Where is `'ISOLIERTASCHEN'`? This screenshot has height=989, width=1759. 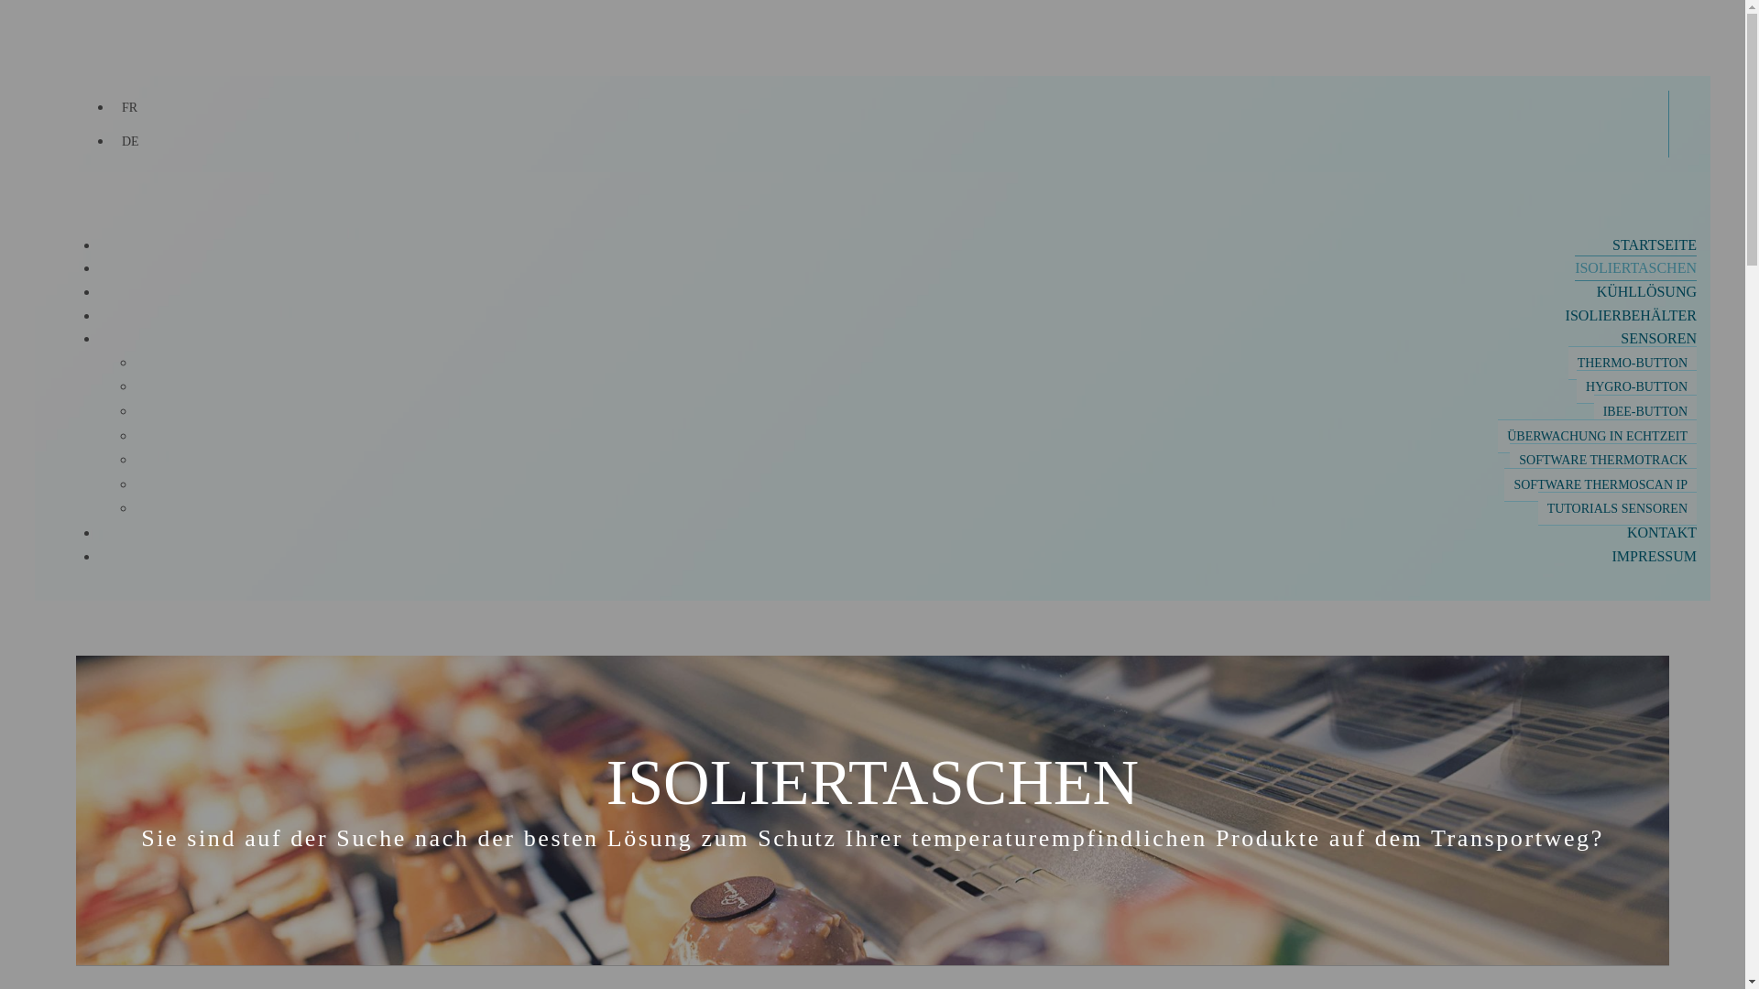
'ISOLIERTASCHEN' is located at coordinates (1635, 268).